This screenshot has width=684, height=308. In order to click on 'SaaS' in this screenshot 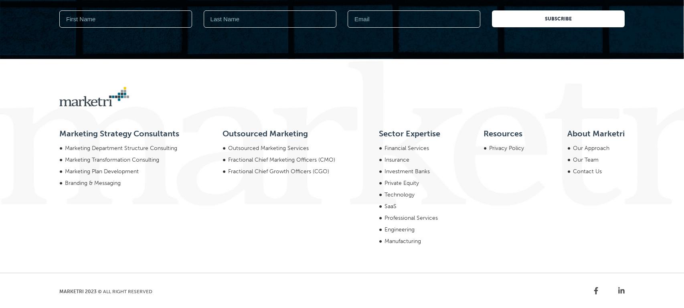, I will do `click(390, 97)`.